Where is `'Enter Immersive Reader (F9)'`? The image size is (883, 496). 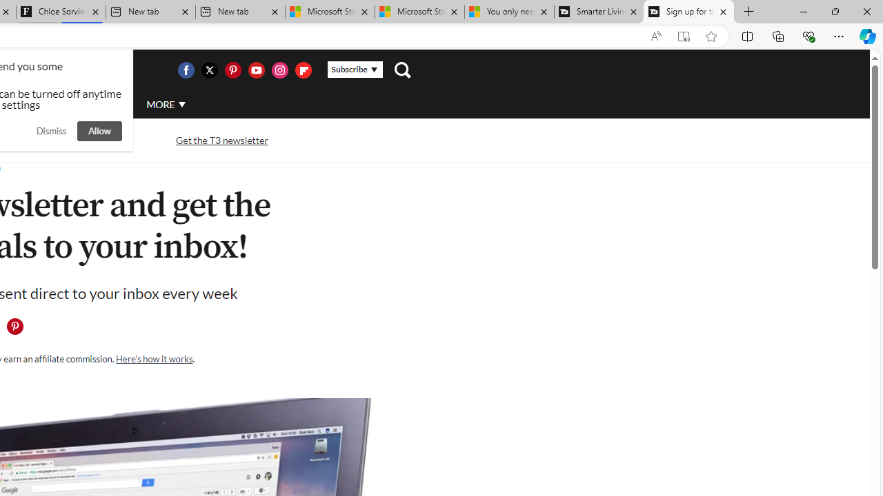
'Enter Immersive Reader (F9)' is located at coordinates (684, 36).